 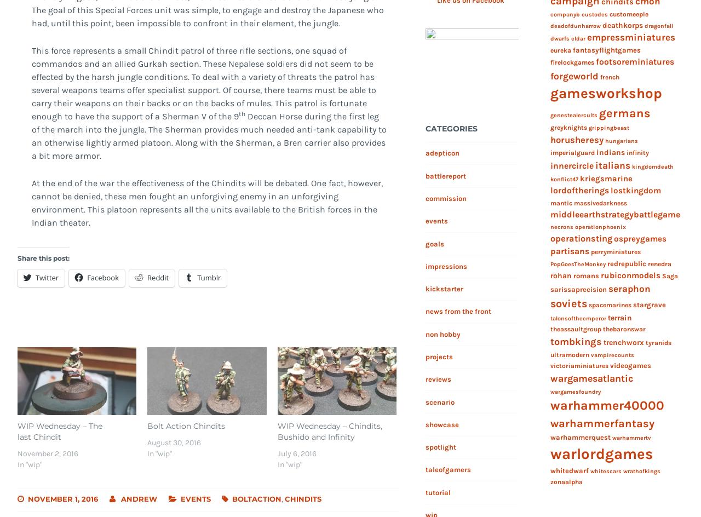 What do you see at coordinates (658, 263) in the screenshot?
I see `'renedra'` at bounding box center [658, 263].